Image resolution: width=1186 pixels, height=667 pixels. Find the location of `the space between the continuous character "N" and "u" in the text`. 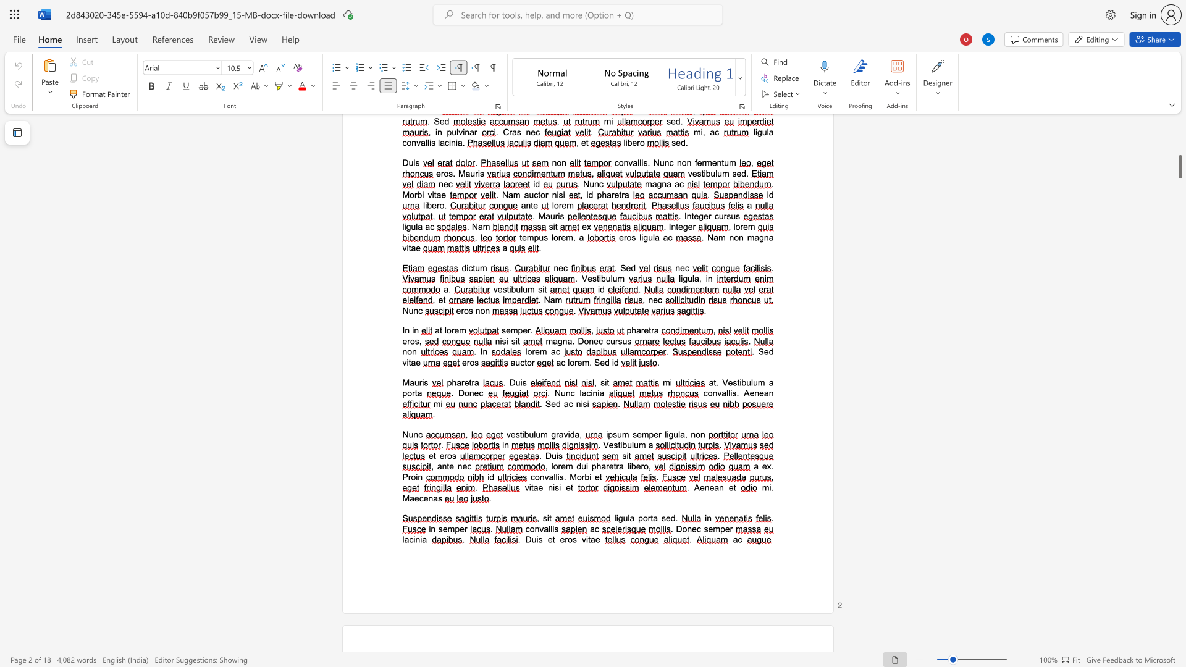

the space between the continuous character "N" and "u" in the text is located at coordinates (560, 393).